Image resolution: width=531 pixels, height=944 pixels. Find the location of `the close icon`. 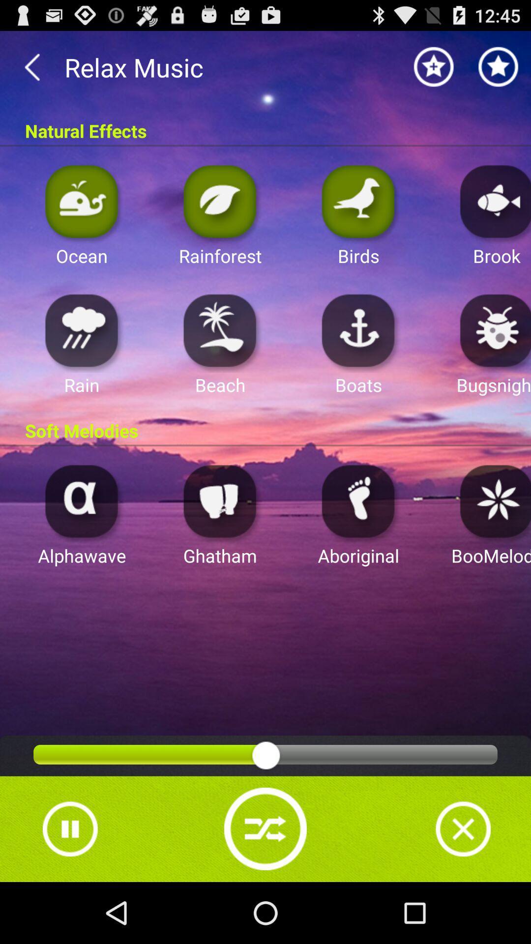

the close icon is located at coordinates (463, 887).